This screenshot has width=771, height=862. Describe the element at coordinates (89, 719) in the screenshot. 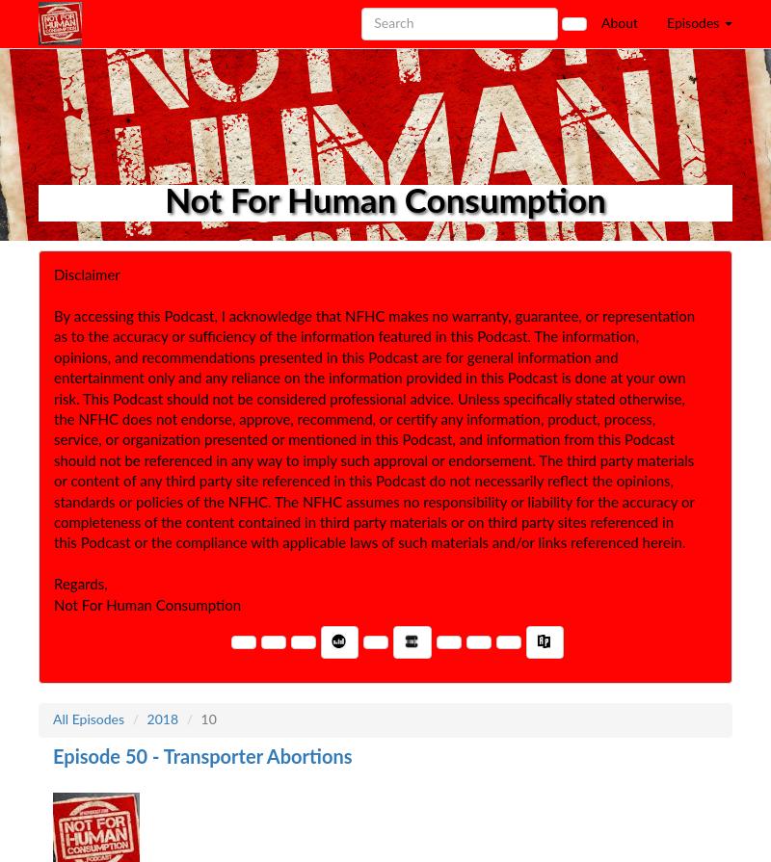

I see `'All Episodes'` at that location.